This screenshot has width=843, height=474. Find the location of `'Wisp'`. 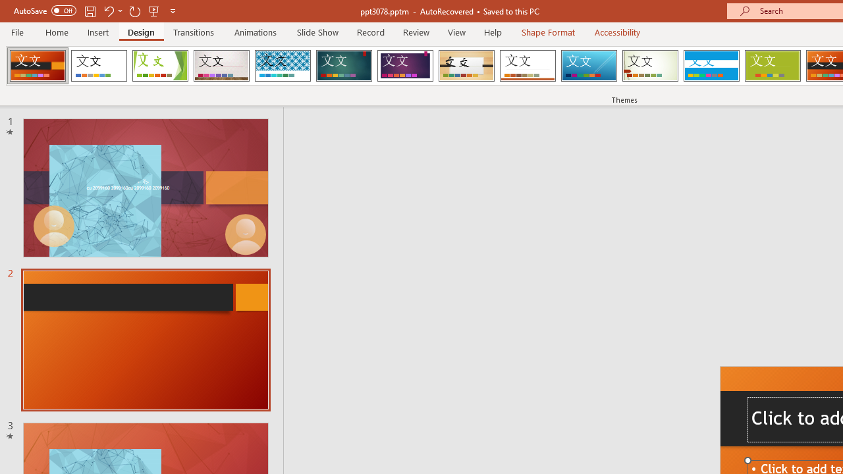

'Wisp' is located at coordinates (650, 66).